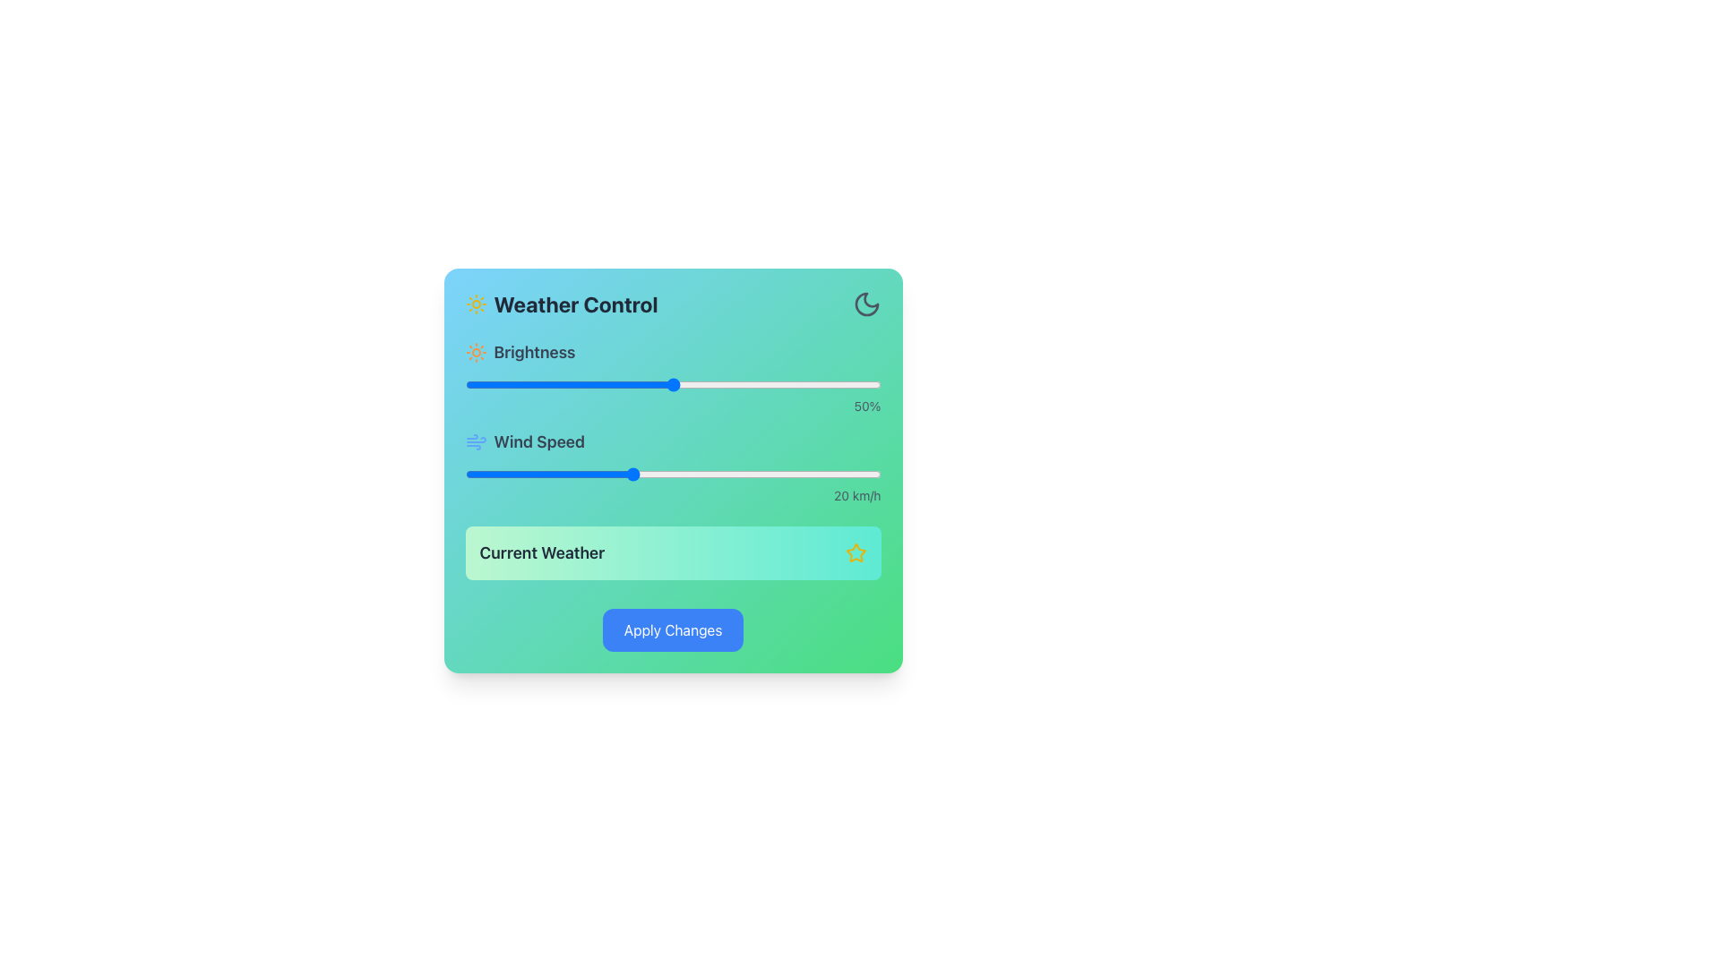 The width and height of the screenshot is (1720, 967). What do you see at coordinates (866, 303) in the screenshot?
I see `the crescent moon-shaped icon in dark gray located at the top-right corner of the Weather Control interface` at bounding box center [866, 303].